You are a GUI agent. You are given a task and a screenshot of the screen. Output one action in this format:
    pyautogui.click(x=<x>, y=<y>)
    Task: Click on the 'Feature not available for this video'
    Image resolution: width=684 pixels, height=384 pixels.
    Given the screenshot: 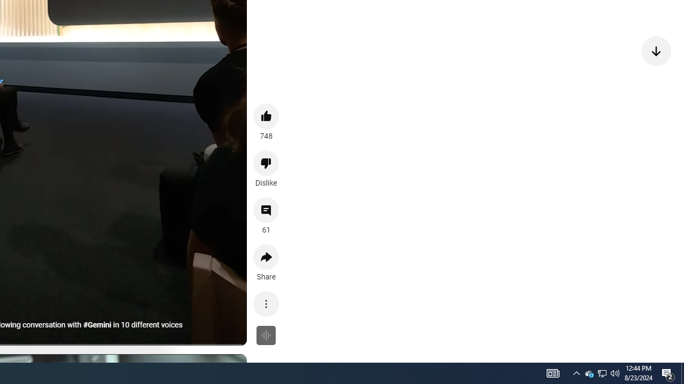 What is the action you would take?
    pyautogui.click(x=266, y=334)
    